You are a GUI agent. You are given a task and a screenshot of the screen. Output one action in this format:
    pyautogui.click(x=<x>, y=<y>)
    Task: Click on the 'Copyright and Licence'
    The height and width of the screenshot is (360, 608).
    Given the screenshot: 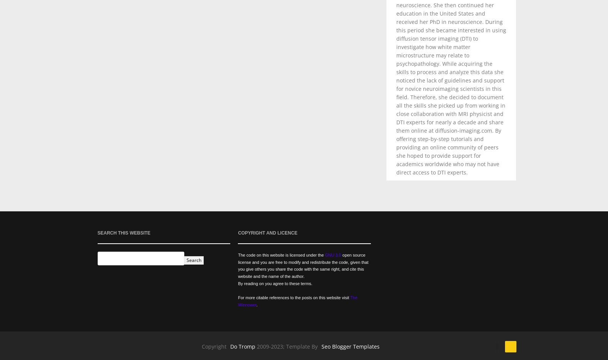 What is the action you would take?
    pyautogui.click(x=268, y=233)
    